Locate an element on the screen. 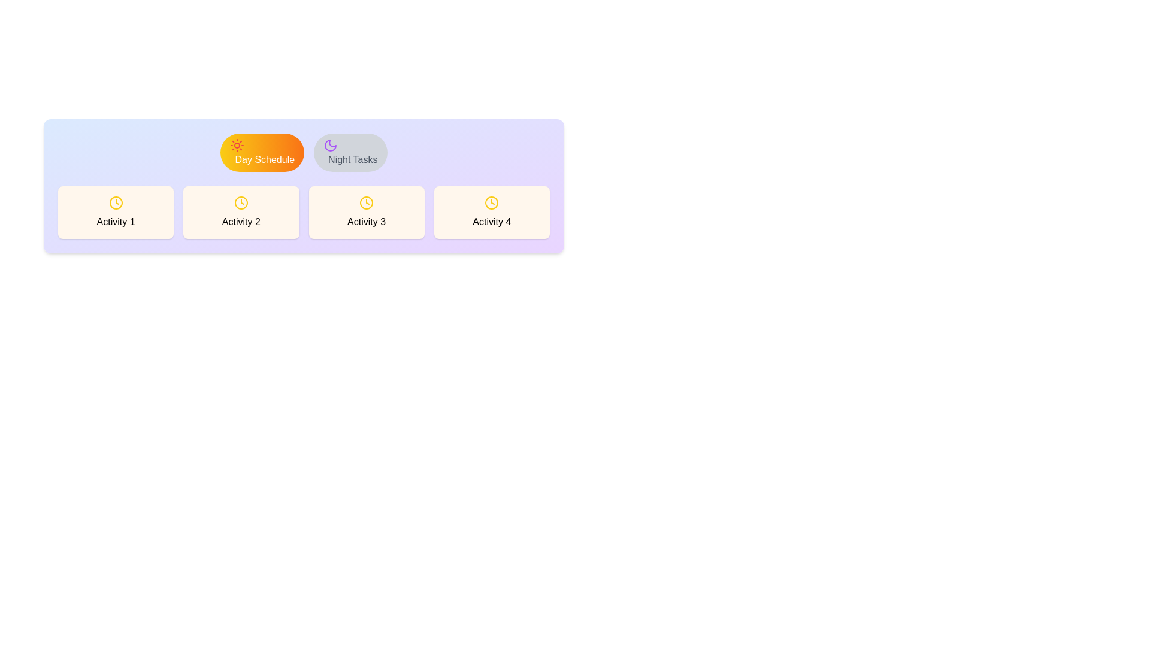 The image size is (1150, 647). the text Night Tasks within the content is located at coordinates (350, 152).